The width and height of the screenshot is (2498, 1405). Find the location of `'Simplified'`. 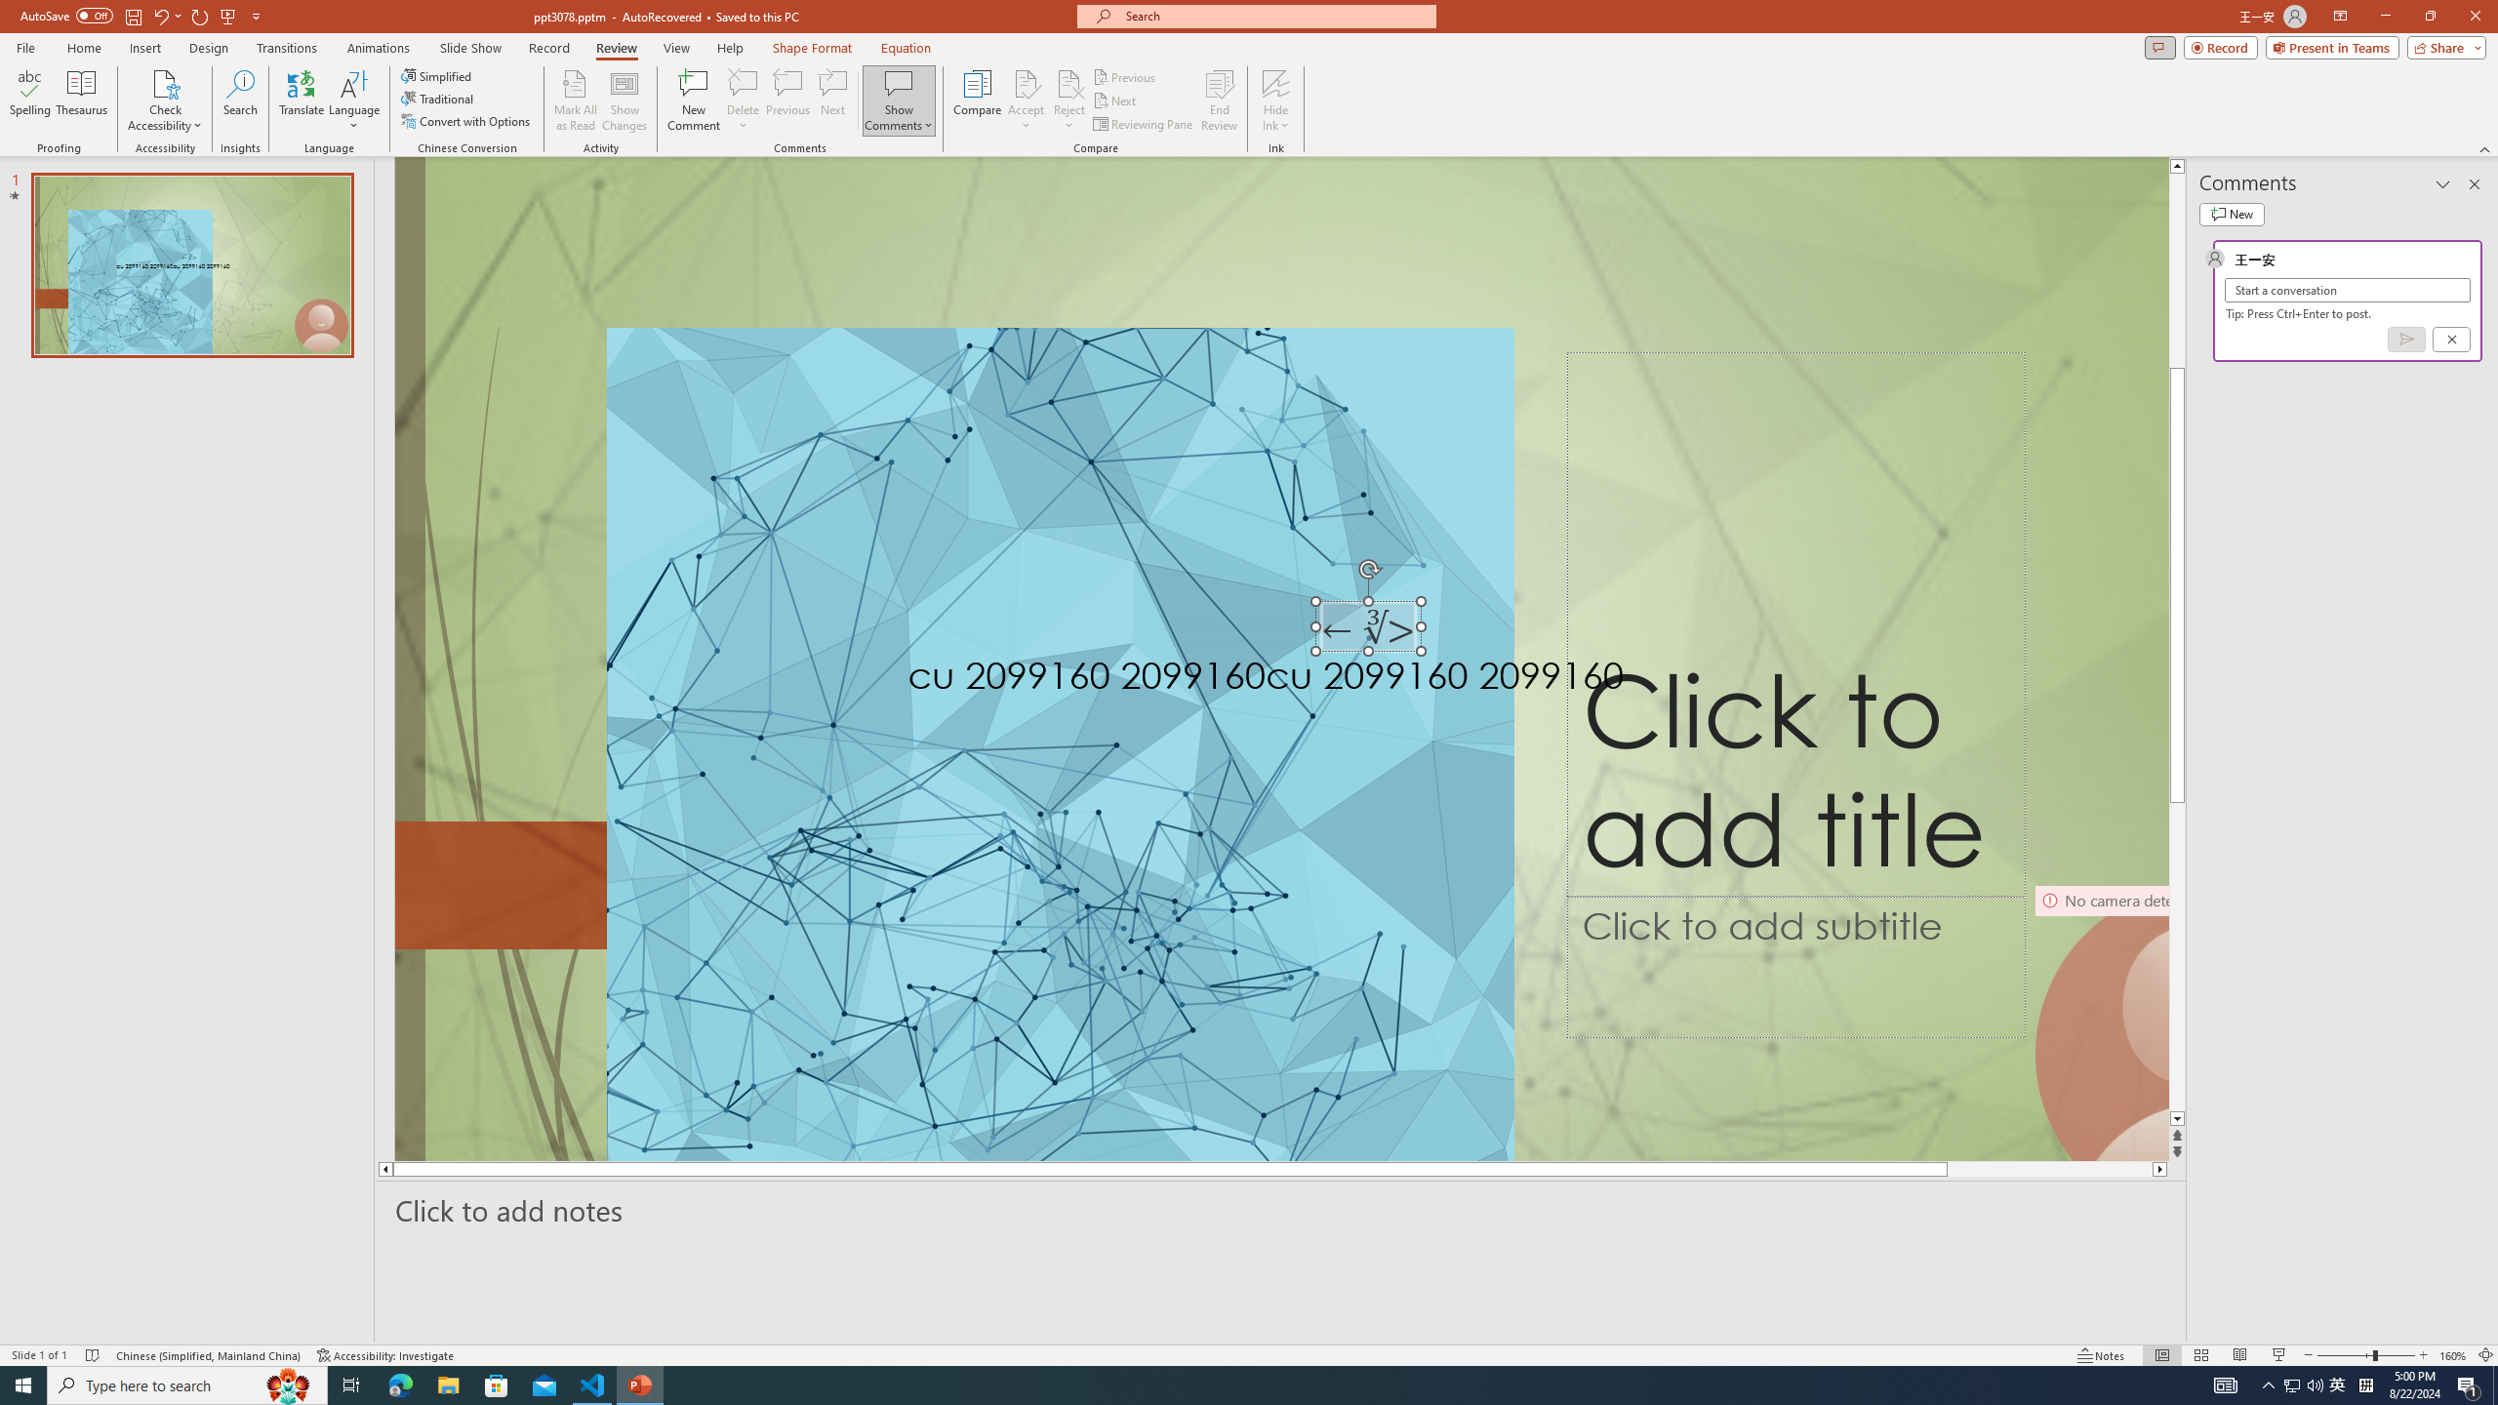

'Simplified' is located at coordinates (437, 75).